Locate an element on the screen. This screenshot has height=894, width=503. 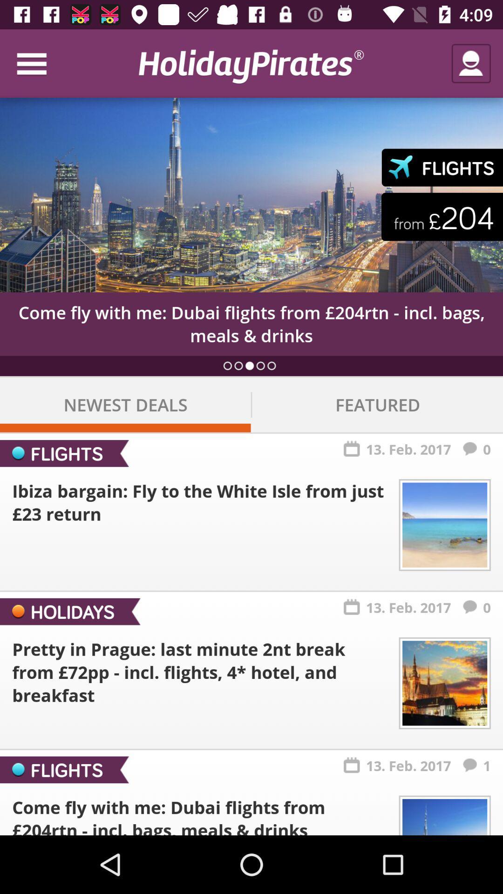
featured is located at coordinates (377, 405).